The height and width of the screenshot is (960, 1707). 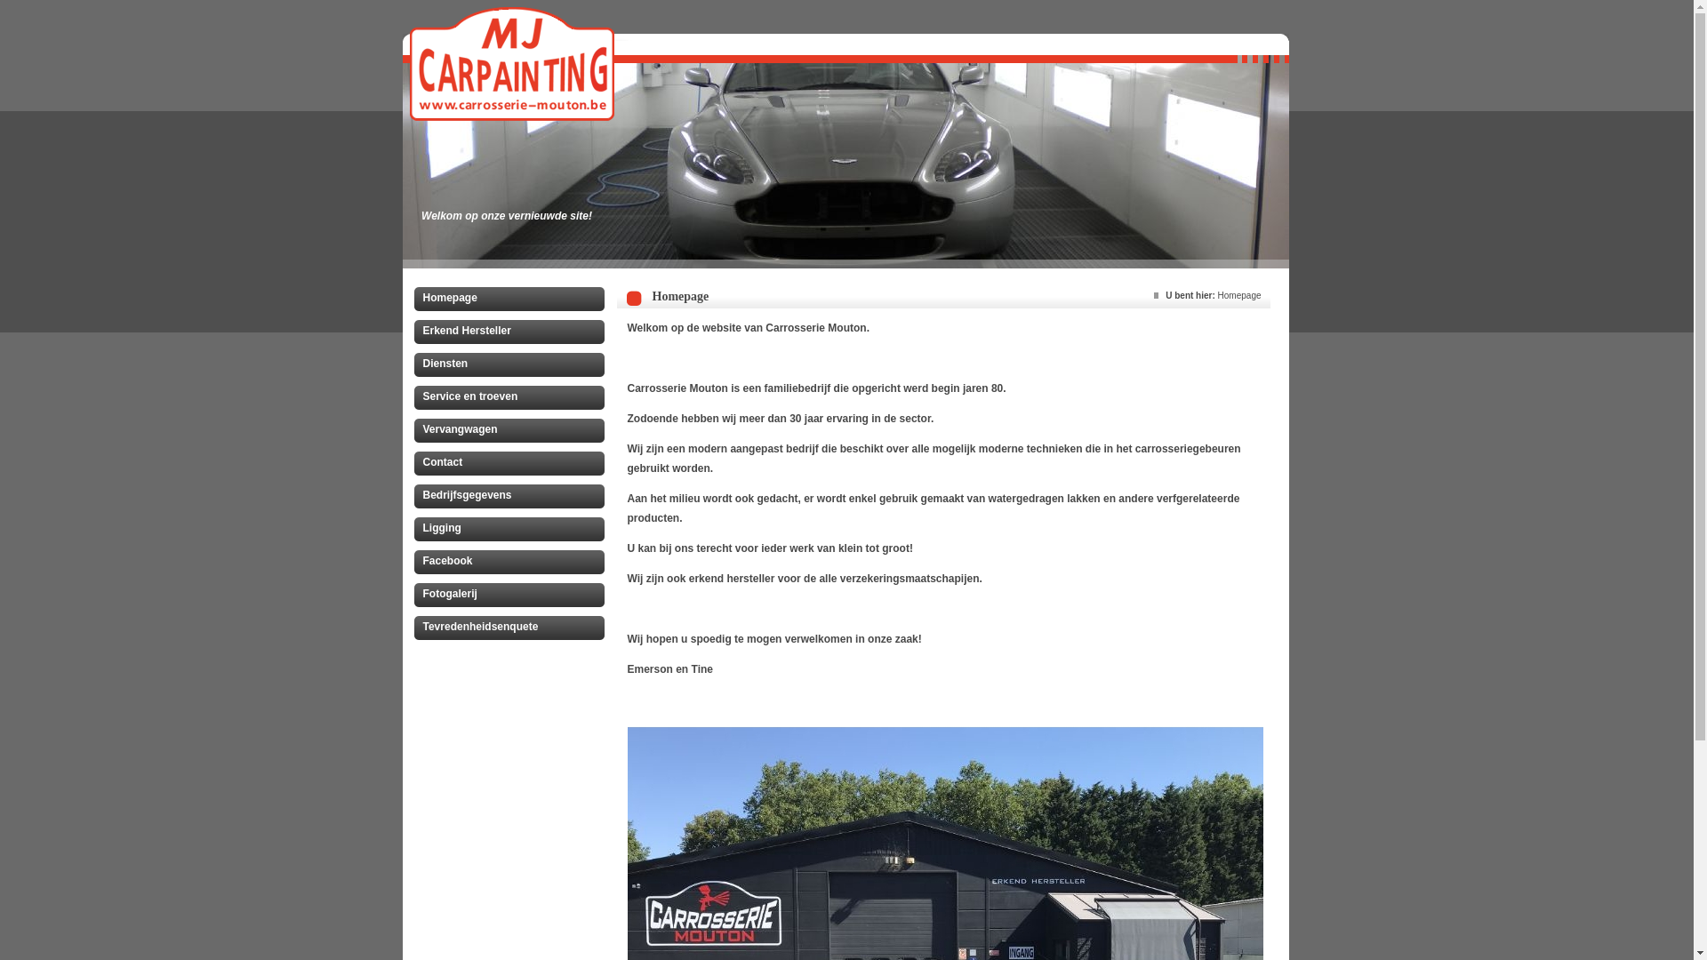 I want to click on 'Erkend Hersteller', so click(x=413, y=333).